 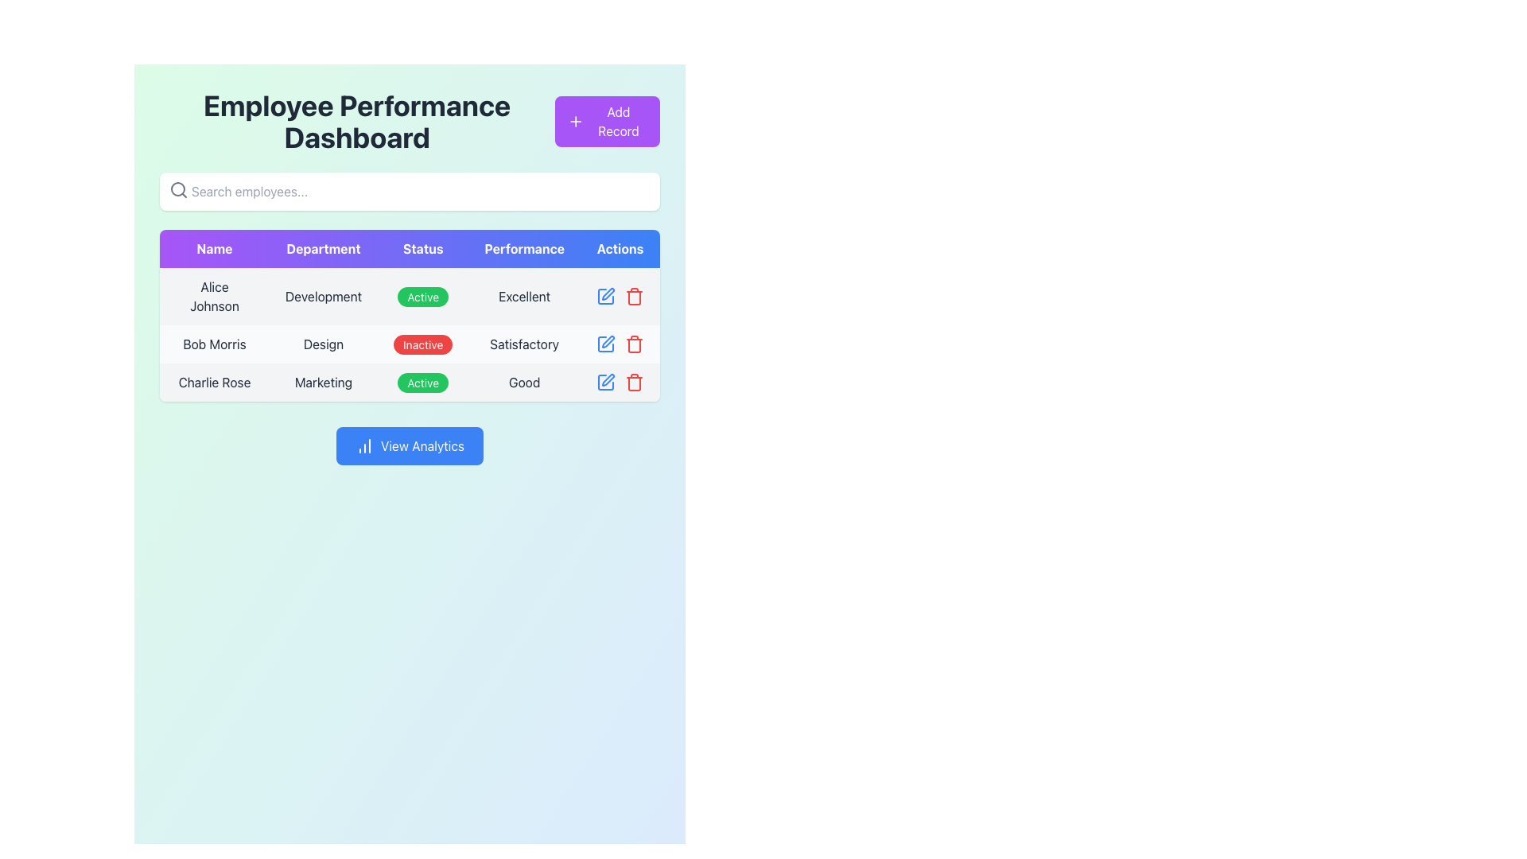 What do you see at coordinates (423, 297) in the screenshot?
I see `status value displayed in the 'Active' label under the 'Status' column for employee 'Alice Johnson'` at bounding box center [423, 297].